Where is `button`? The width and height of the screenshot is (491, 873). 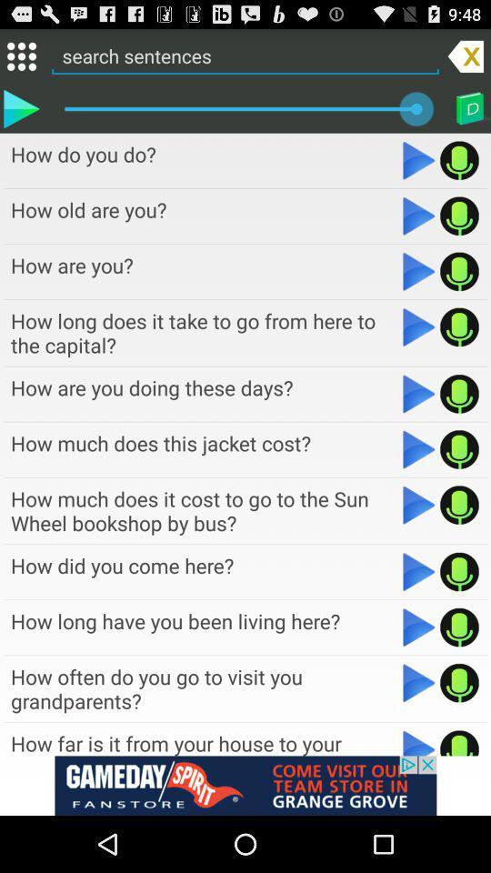 button is located at coordinates (419, 326).